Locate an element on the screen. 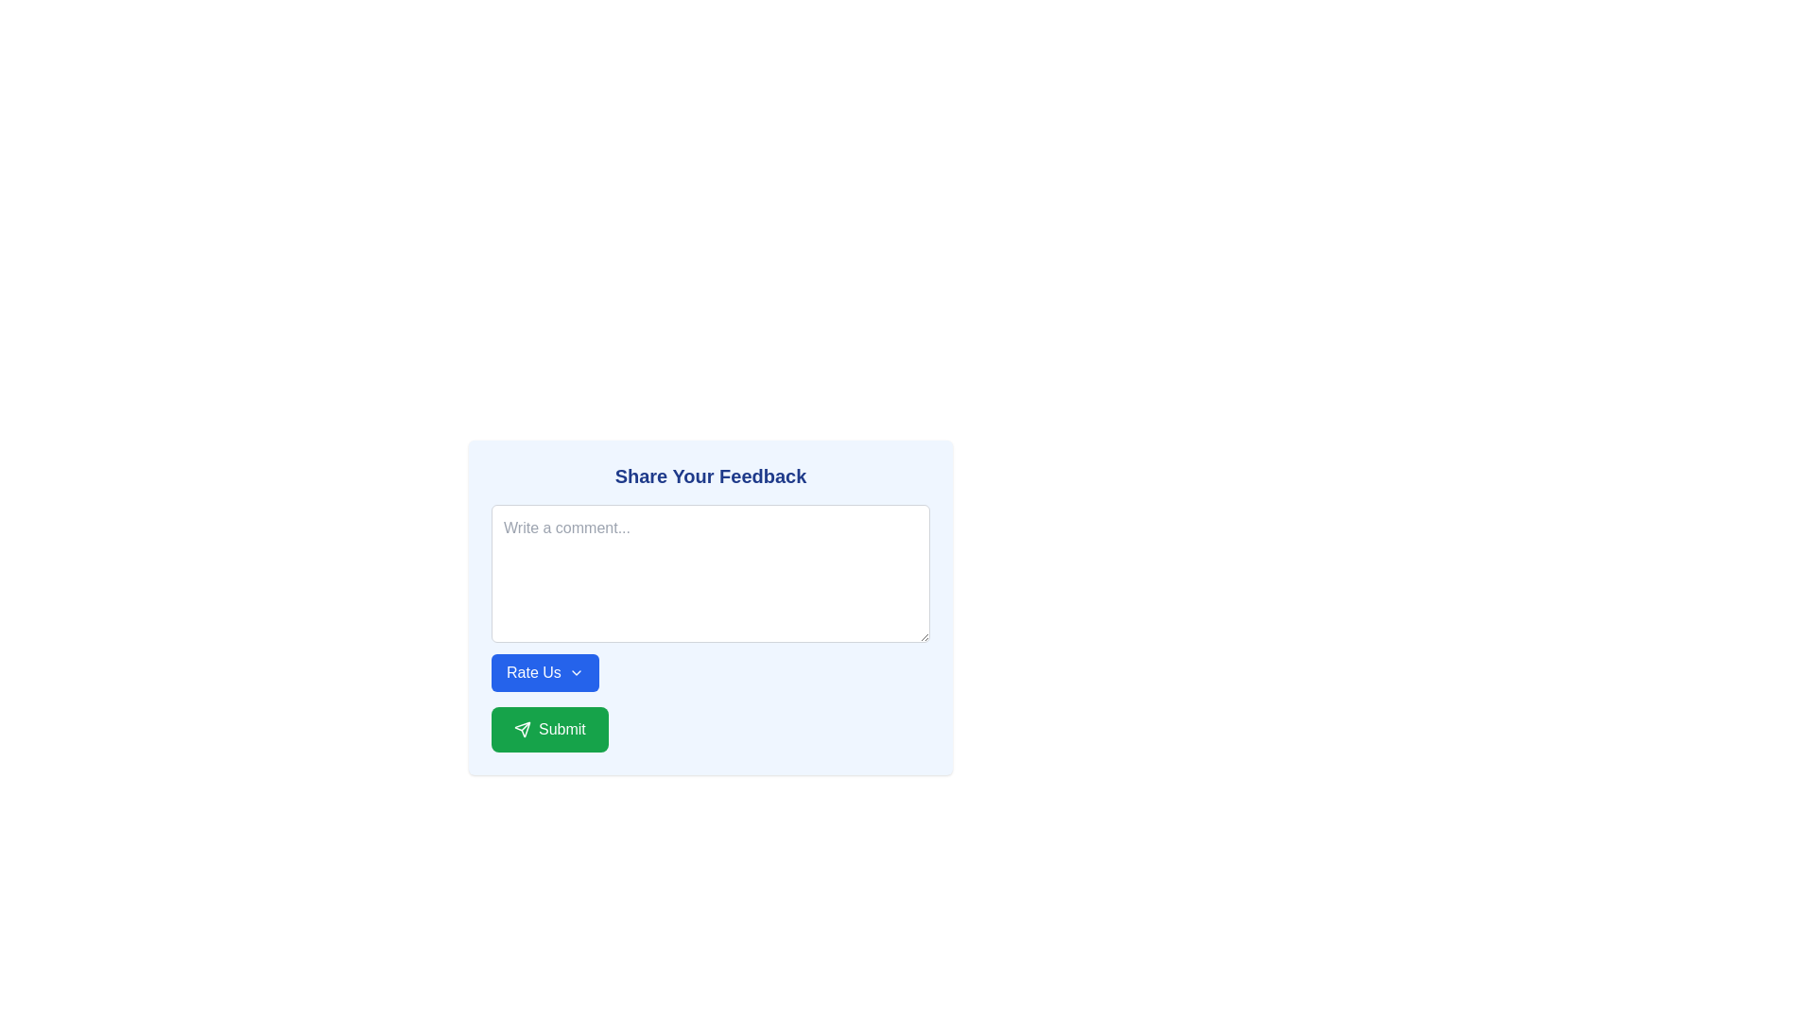  the downward-pointing chevron icon located next to the 'Rate Us' text on the blue button is located at coordinates (575, 672).